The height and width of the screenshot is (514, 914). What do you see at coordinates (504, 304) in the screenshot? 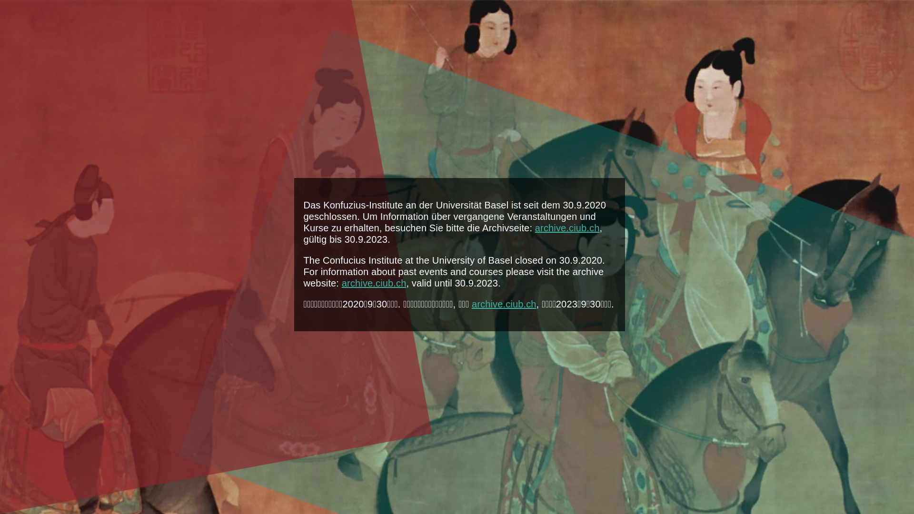
I see `'archive.ciub.ch'` at bounding box center [504, 304].